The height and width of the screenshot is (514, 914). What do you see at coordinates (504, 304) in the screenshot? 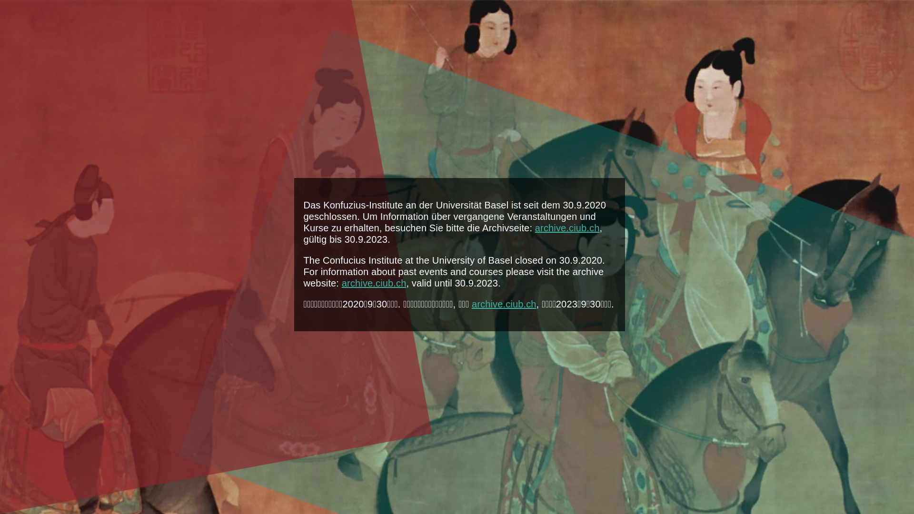
I see `'archive.ciub.ch'` at bounding box center [504, 304].